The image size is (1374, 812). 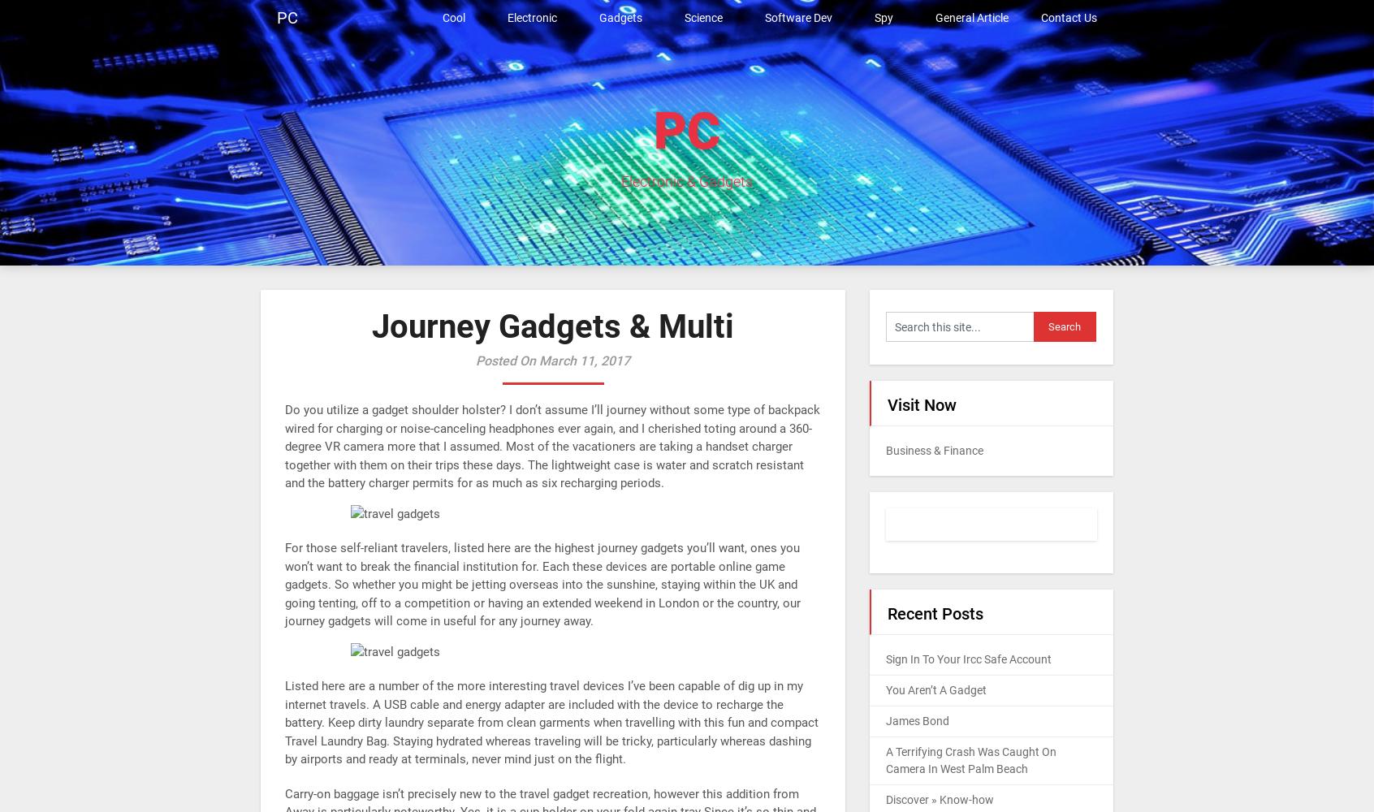 What do you see at coordinates (1068, 18) in the screenshot?
I see `'Contact Us'` at bounding box center [1068, 18].